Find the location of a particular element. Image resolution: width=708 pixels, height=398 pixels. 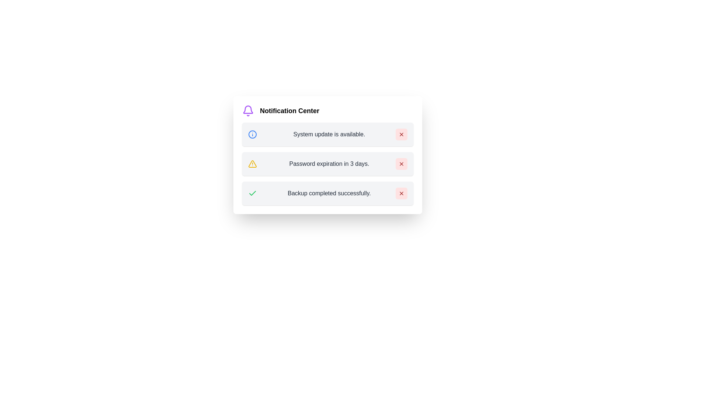

close button for Password expiration in 3 days. to dismiss it is located at coordinates (401, 163).